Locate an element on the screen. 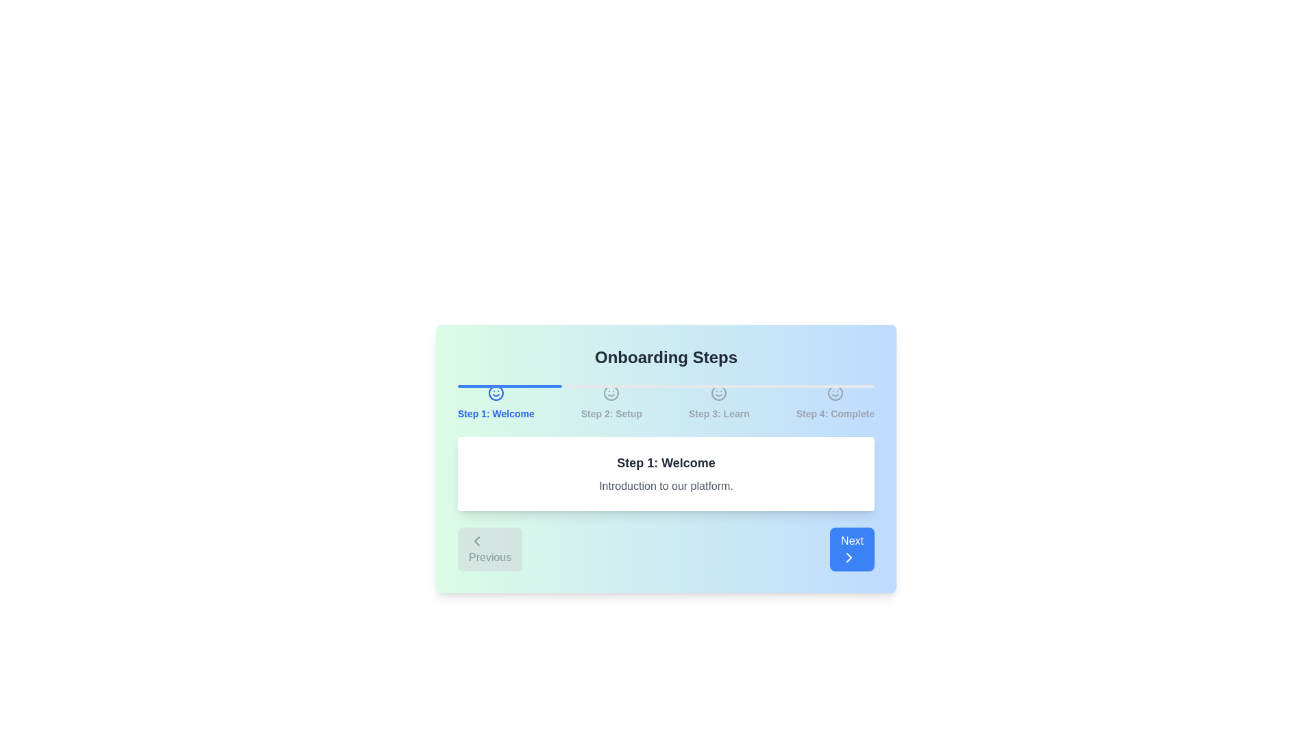 The height and width of the screenshot is (740, 1316). the circular SVG icon resembling a smiling face labeled 'Step 2: Setup' in the onboarding steps interface is located at coordinates (611, 393).